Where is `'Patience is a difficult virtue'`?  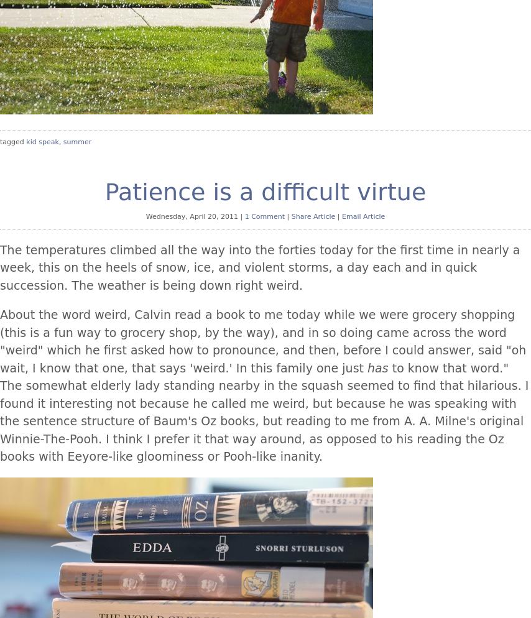 'Patience is a difficult virtue' is located at coordinates (265, 191).